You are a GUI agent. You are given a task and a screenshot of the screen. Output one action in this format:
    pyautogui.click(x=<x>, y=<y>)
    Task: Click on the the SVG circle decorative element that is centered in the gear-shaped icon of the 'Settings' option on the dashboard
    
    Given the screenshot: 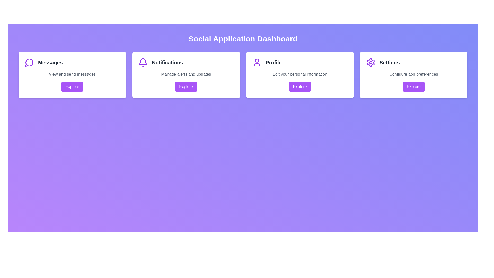 What is the action you would take?
    pyautogui.click(x=370, y=62)
    